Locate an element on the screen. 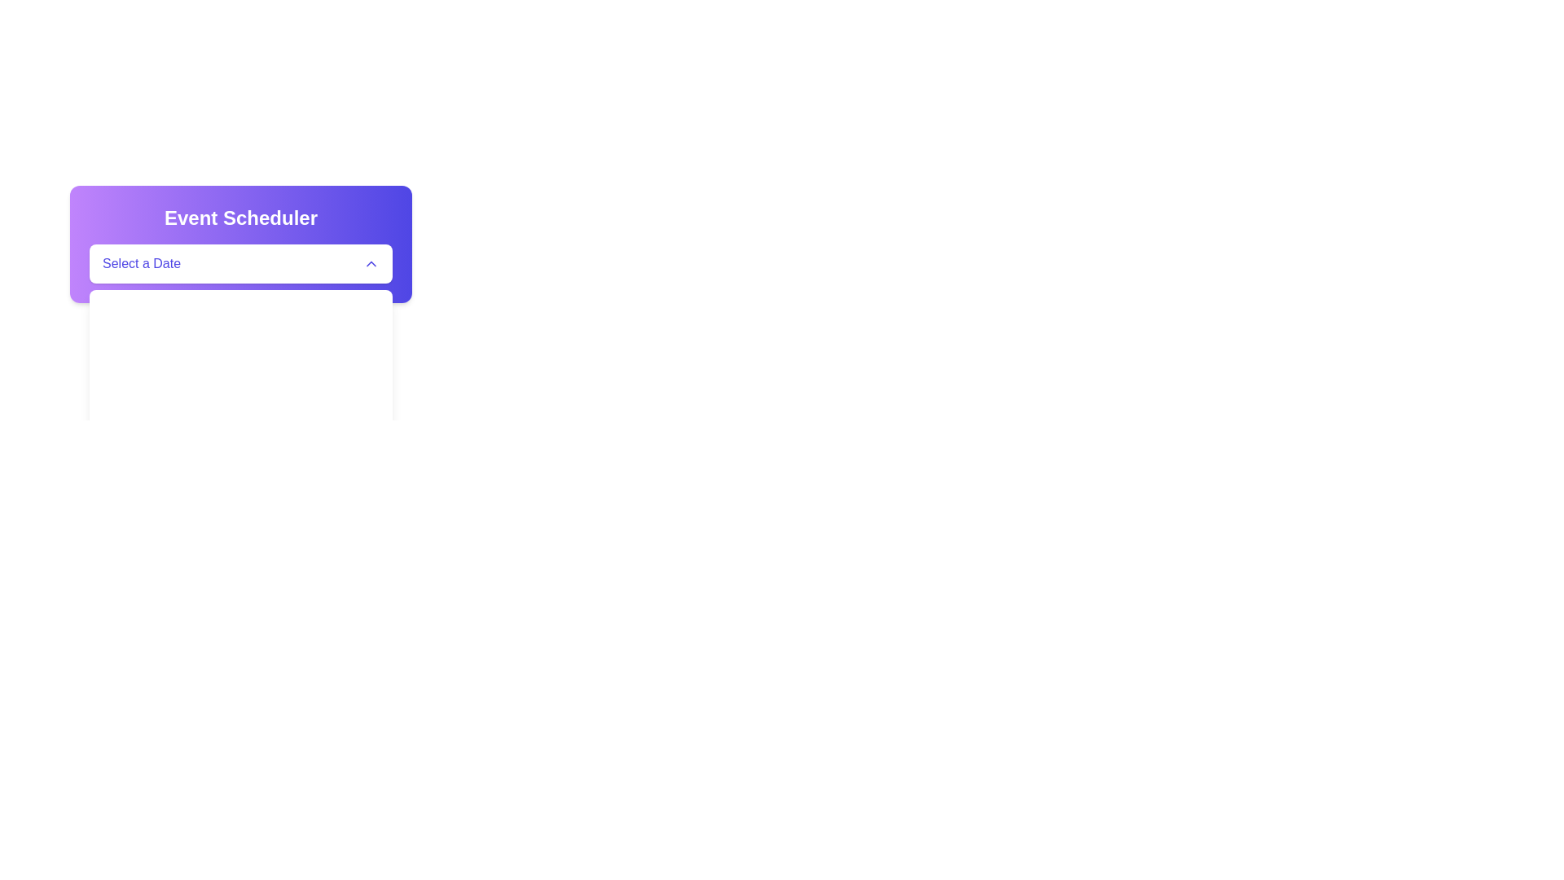 The image size is (1564, 880). the upward chevron icon located at the right end of the 'Select a Date' card is located at coordinates (371, 263).